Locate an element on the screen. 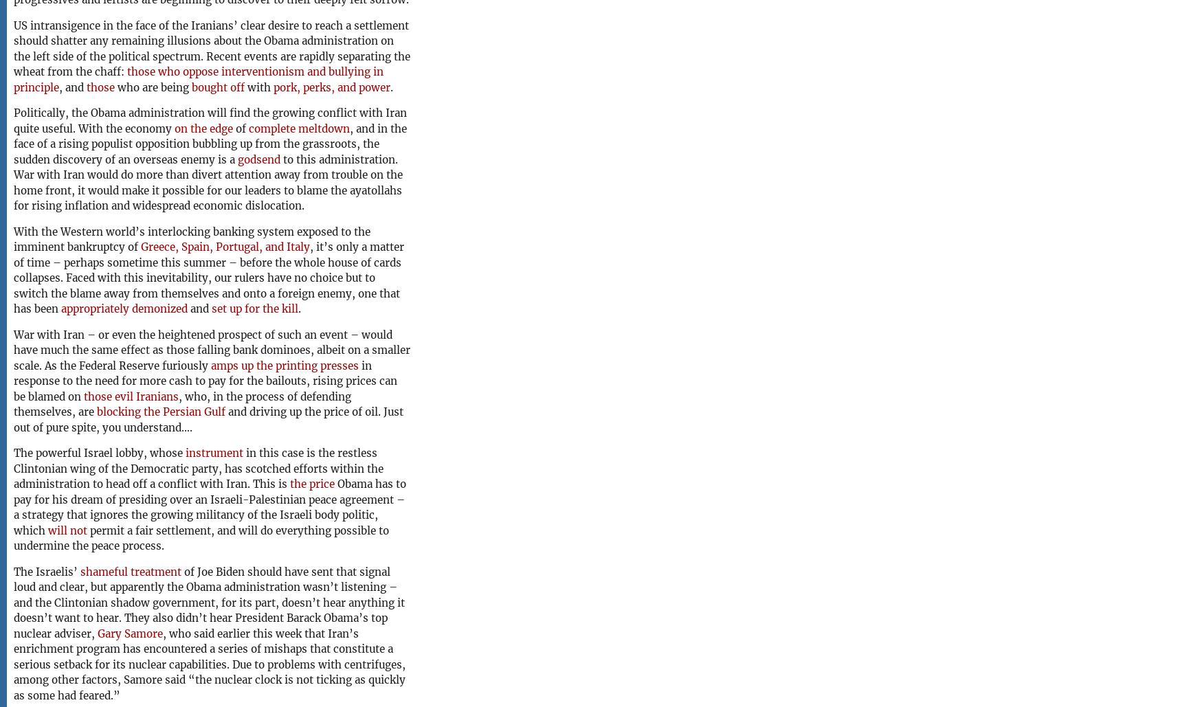  'bought off' is located at coordinates (218, 86).